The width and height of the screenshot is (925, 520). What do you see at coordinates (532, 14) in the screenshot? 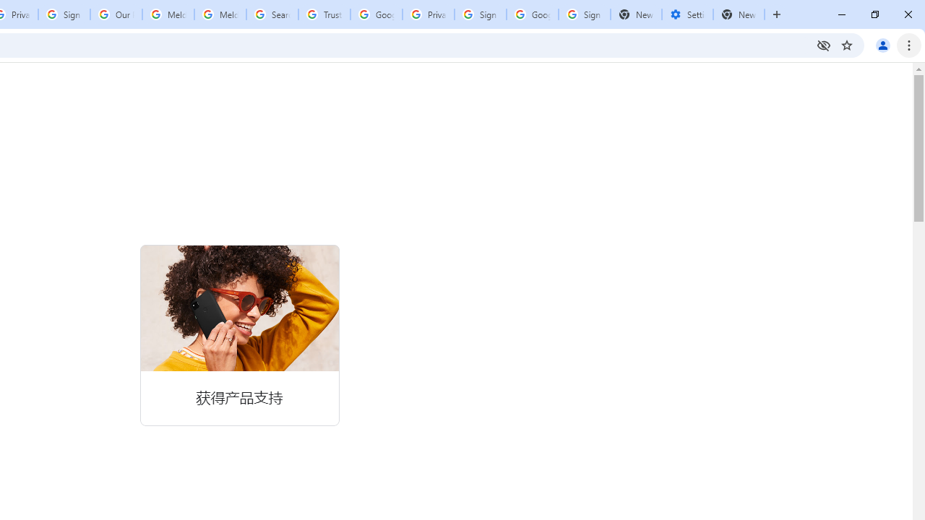
I see `'Google Cybersecurity Innovations - Google Safety Center'` at bounding box center [532, 14].